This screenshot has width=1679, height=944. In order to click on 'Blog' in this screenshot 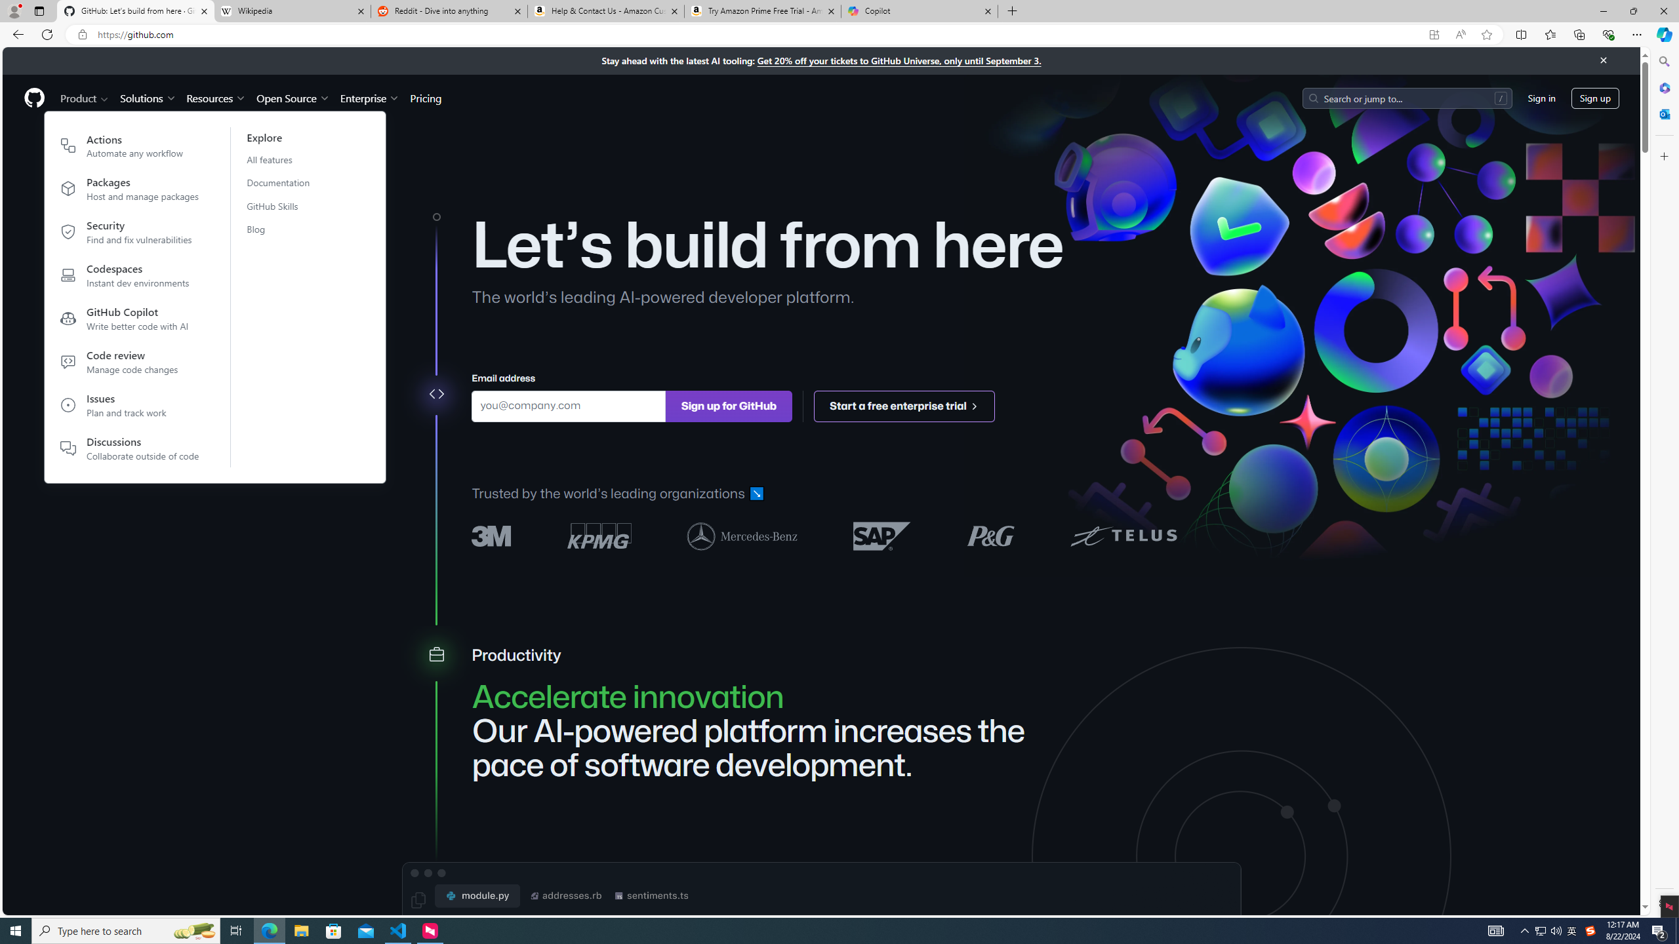, I will do `click(286, 229)`.